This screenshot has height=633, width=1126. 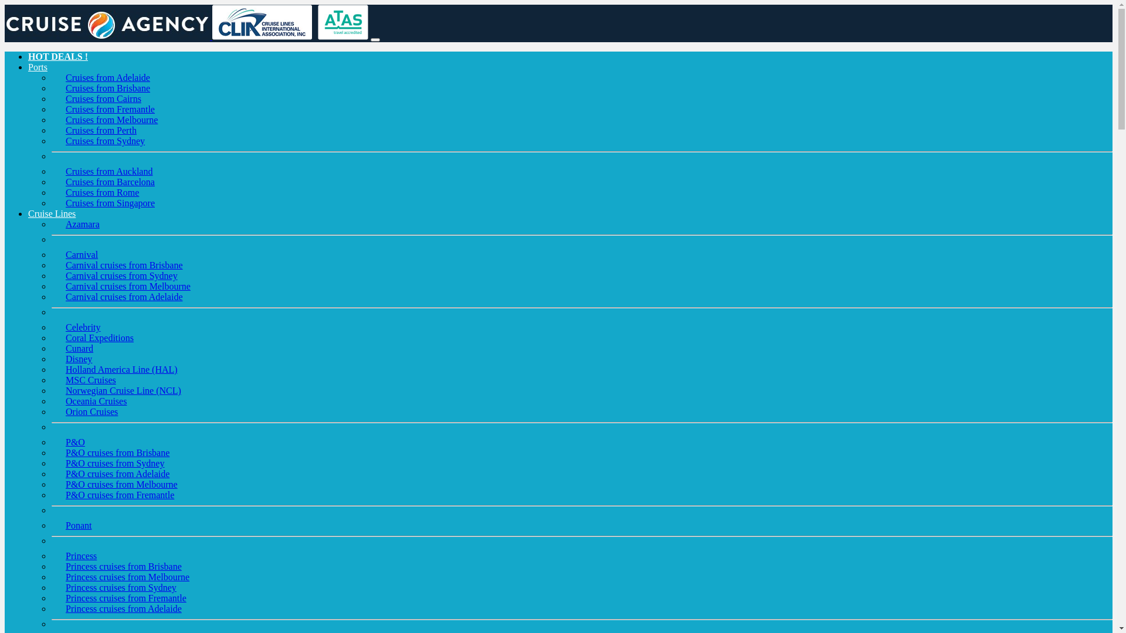 I want to click on 'Princess cruises from Melbourne', so click(x=127, y=576).